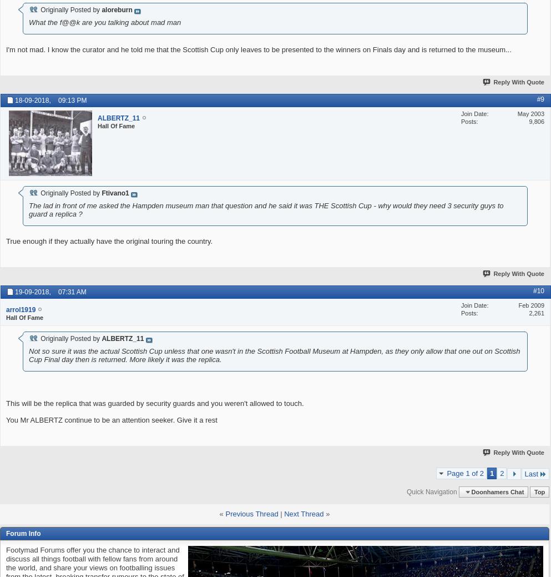 Image resolution: width=551 pixels, height=577 pixels. Describe the element at coordinates (303, 513) in the screenshot. I see `'Next Thread'` at that location.